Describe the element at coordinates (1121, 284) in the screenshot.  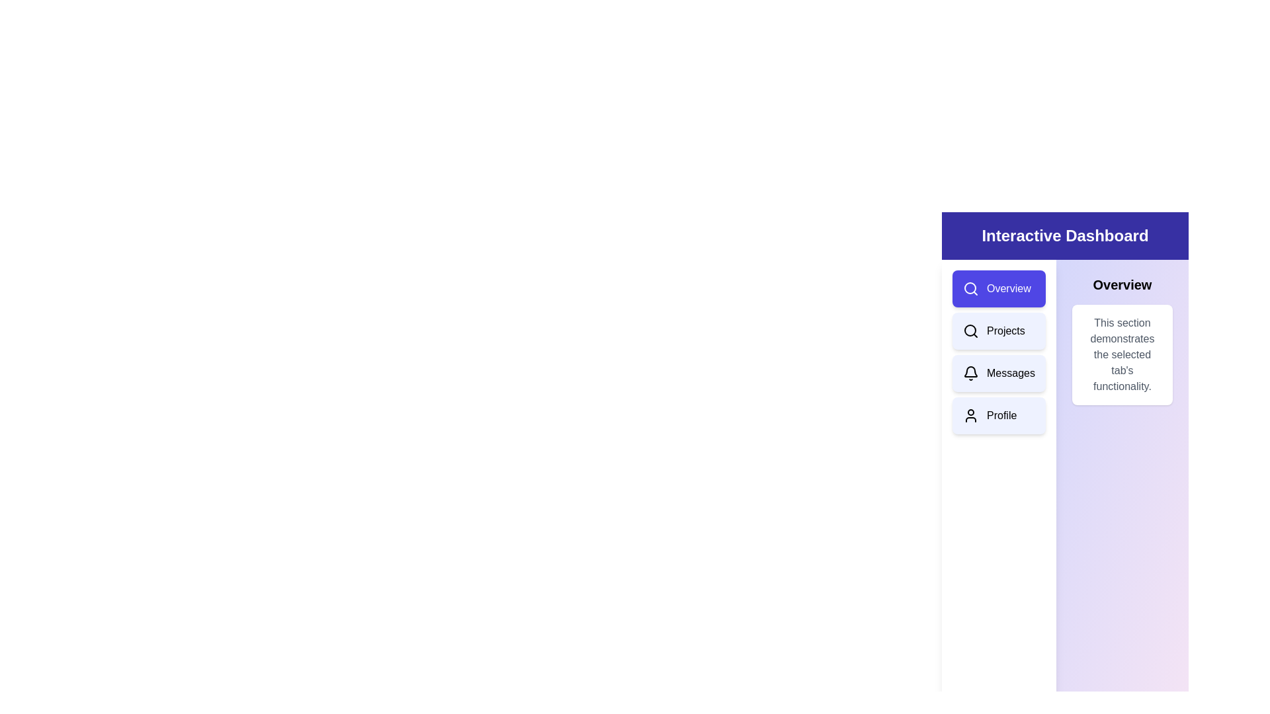
I see `bold, large font title text labeled 'Overview' located in the upper portion of the central content area` at that location.